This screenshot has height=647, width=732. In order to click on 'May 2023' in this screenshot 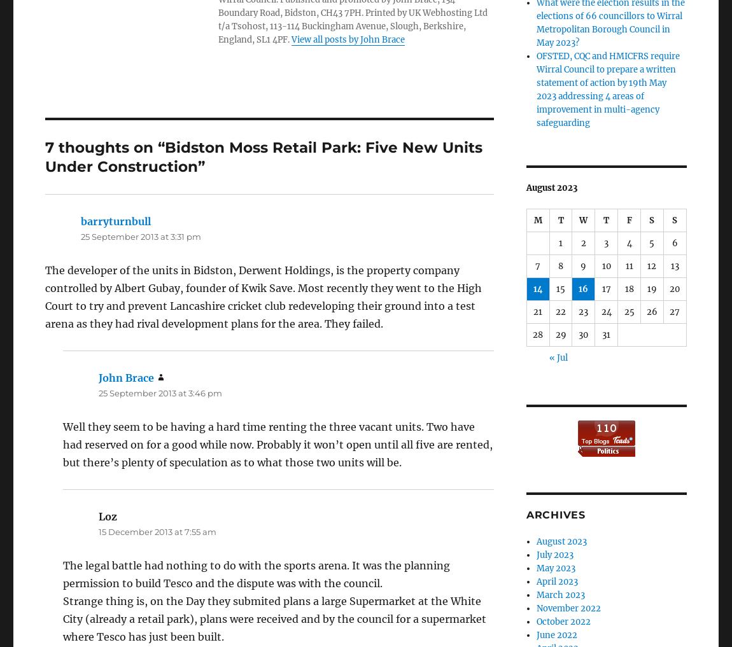, I will do `click(535, 568)`.